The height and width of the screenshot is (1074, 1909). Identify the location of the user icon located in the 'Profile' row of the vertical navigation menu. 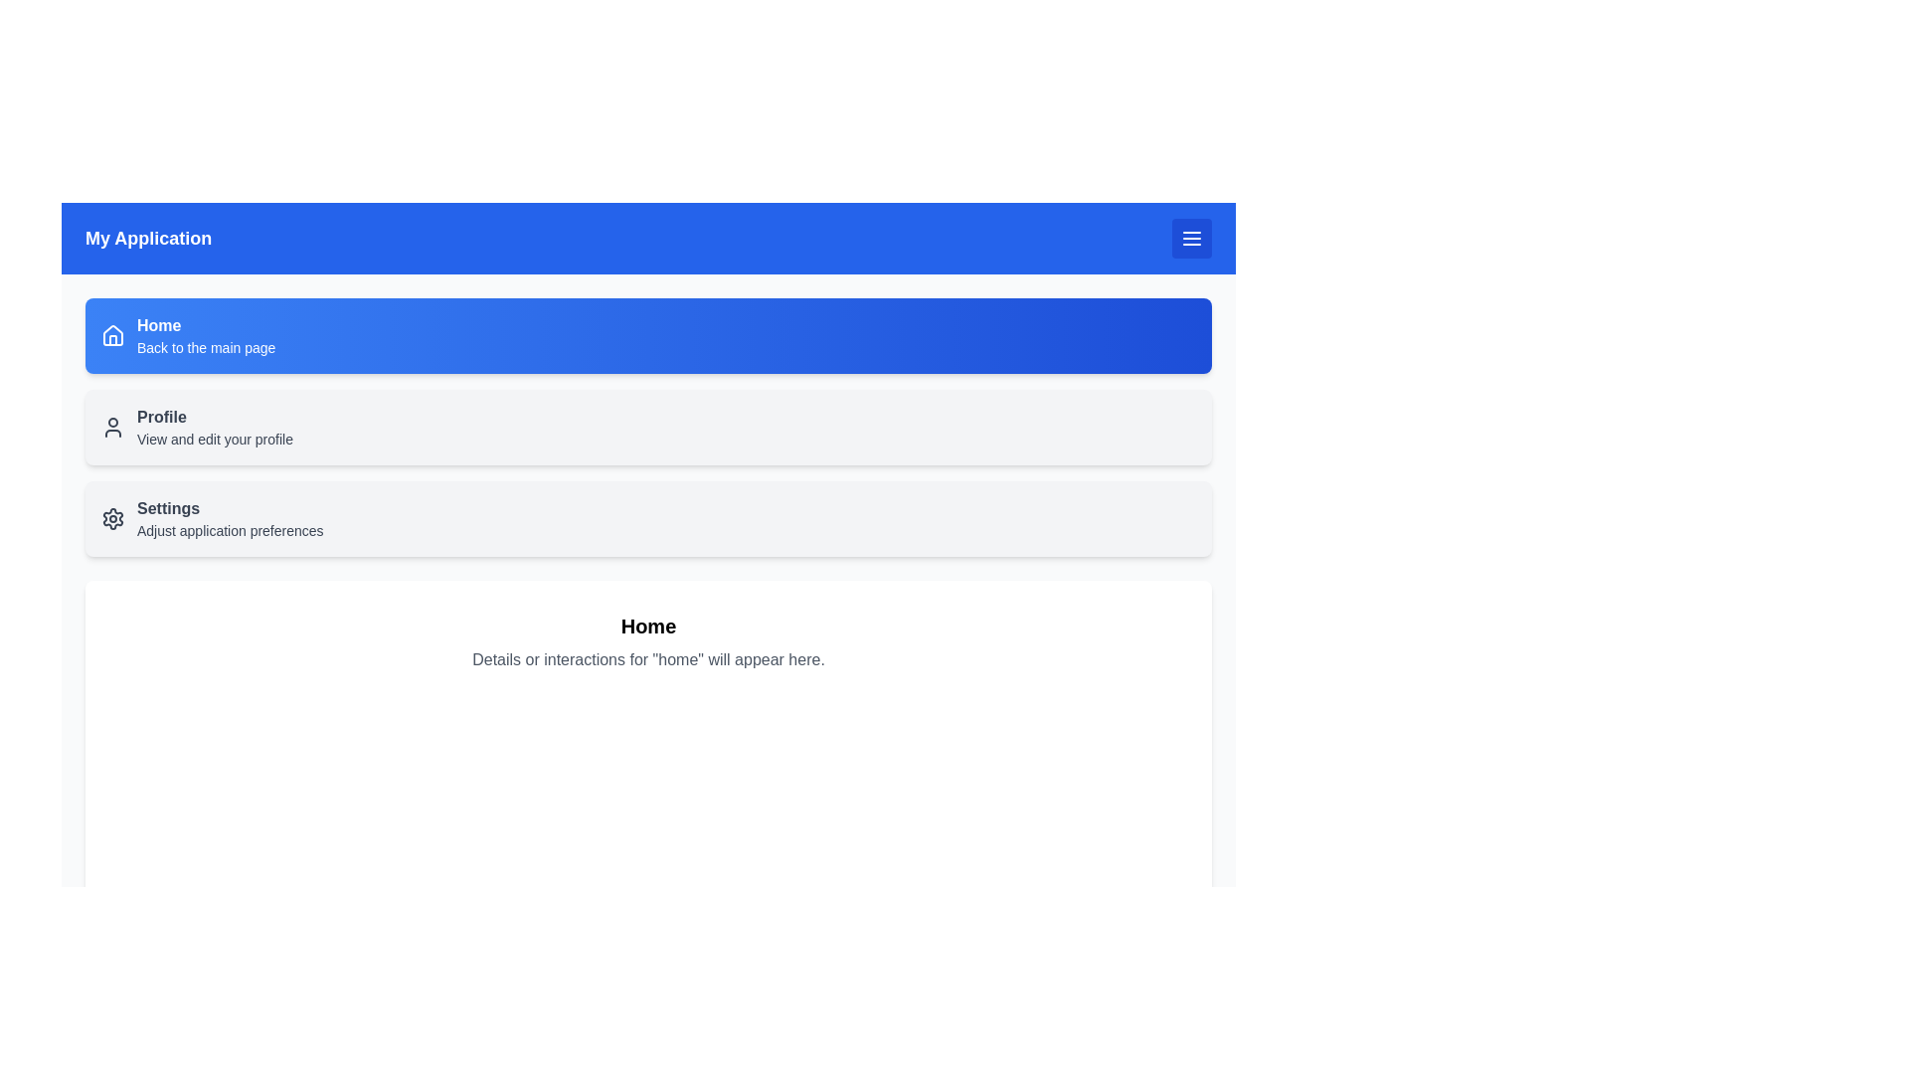
(112, 426).